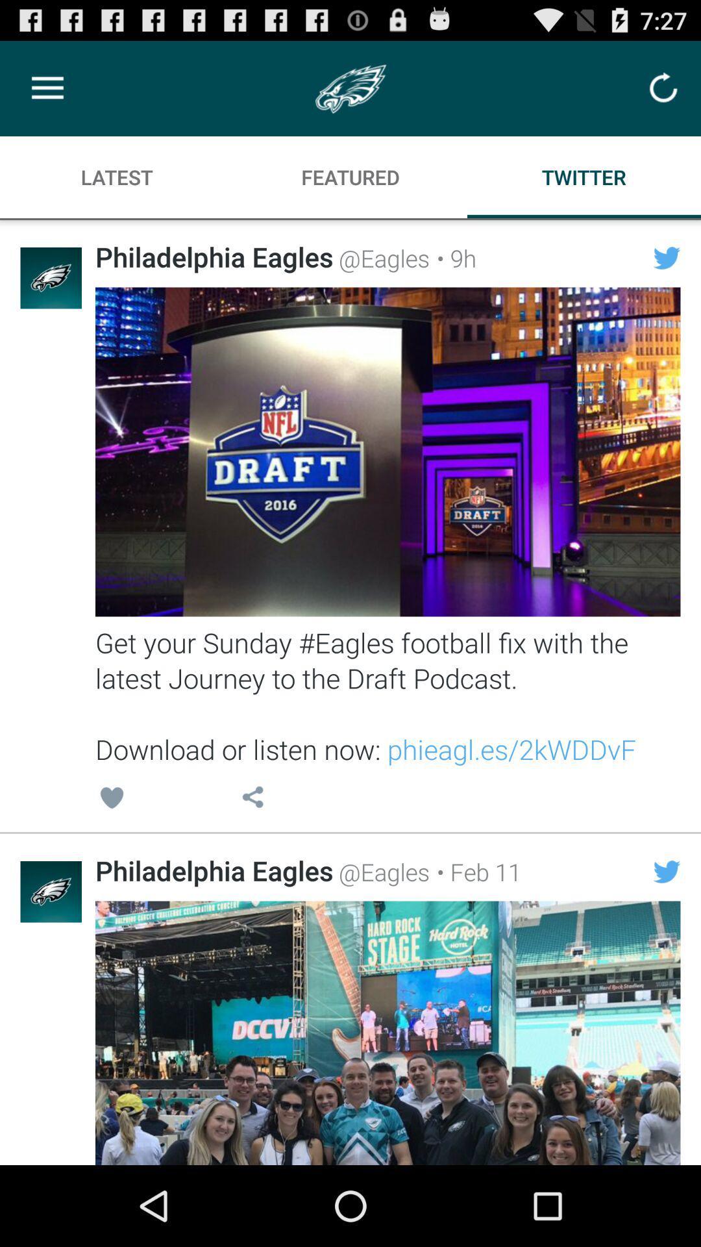 The width and height of the screenshot is (701, 1247). I want to click on open picture in bigger view, so click(387, 1032).